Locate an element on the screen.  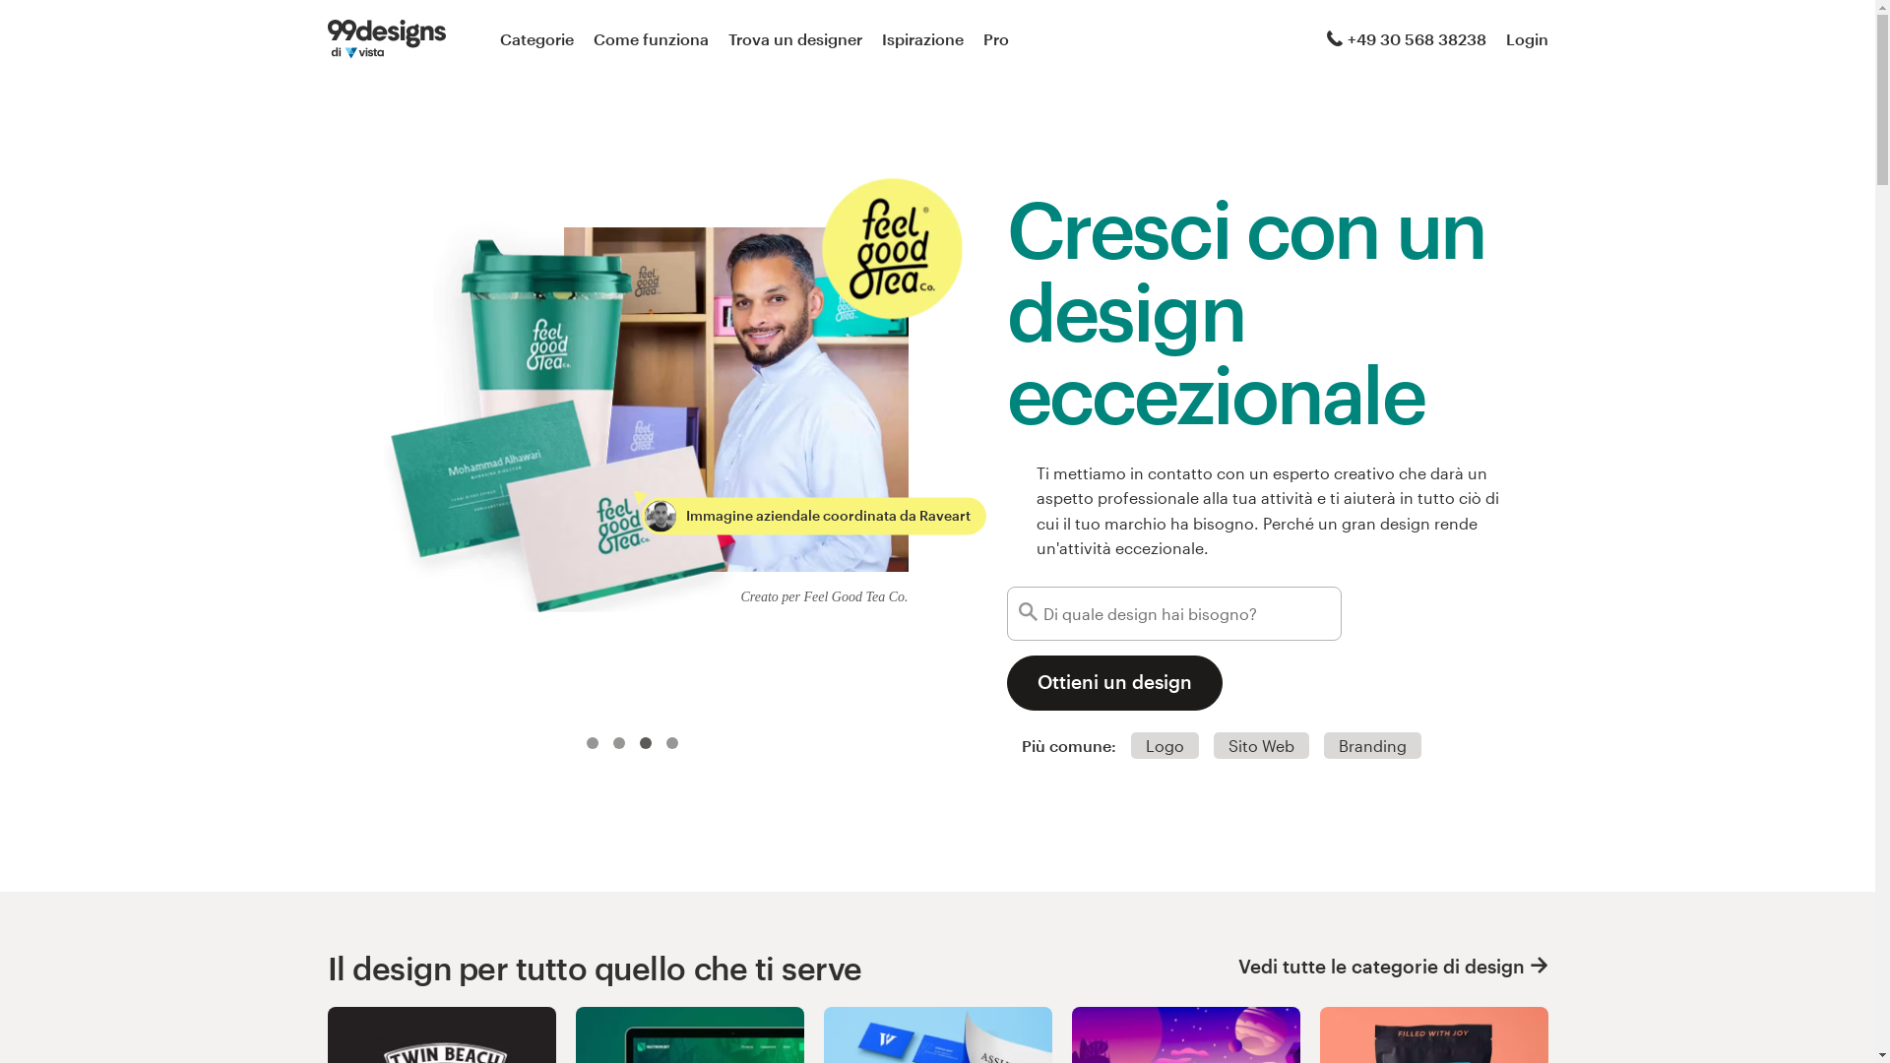
'Categorie' is located at coordinates (500, 38).